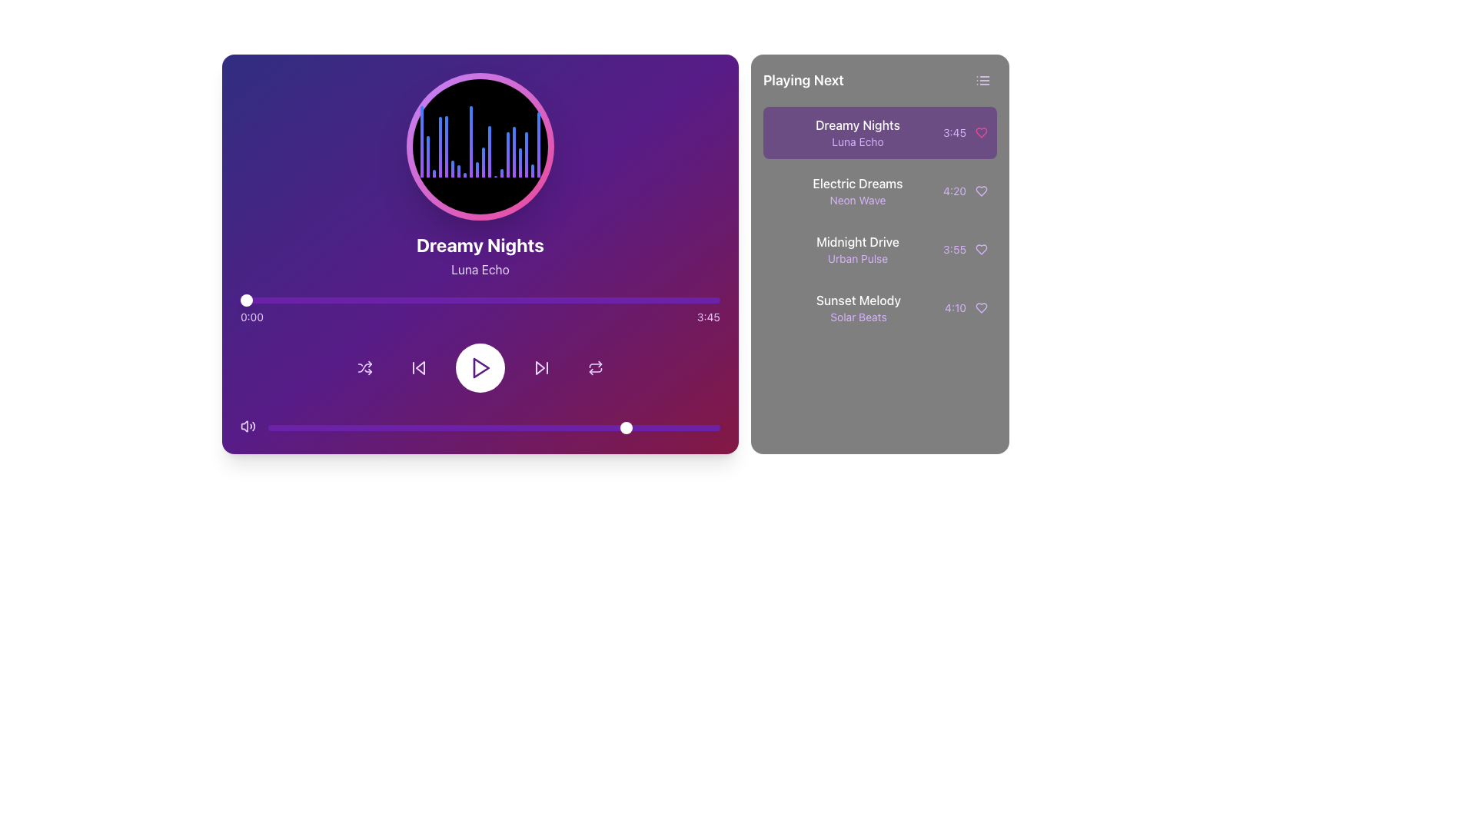 The width and height of the screenshot is (1476, 830). What do you see at coordinates (479, 269) in the screenshot?
I see `the static text label located directly beneath the 'Dreamy Nights' title in the central music player section` at bounding box center [479, 269].